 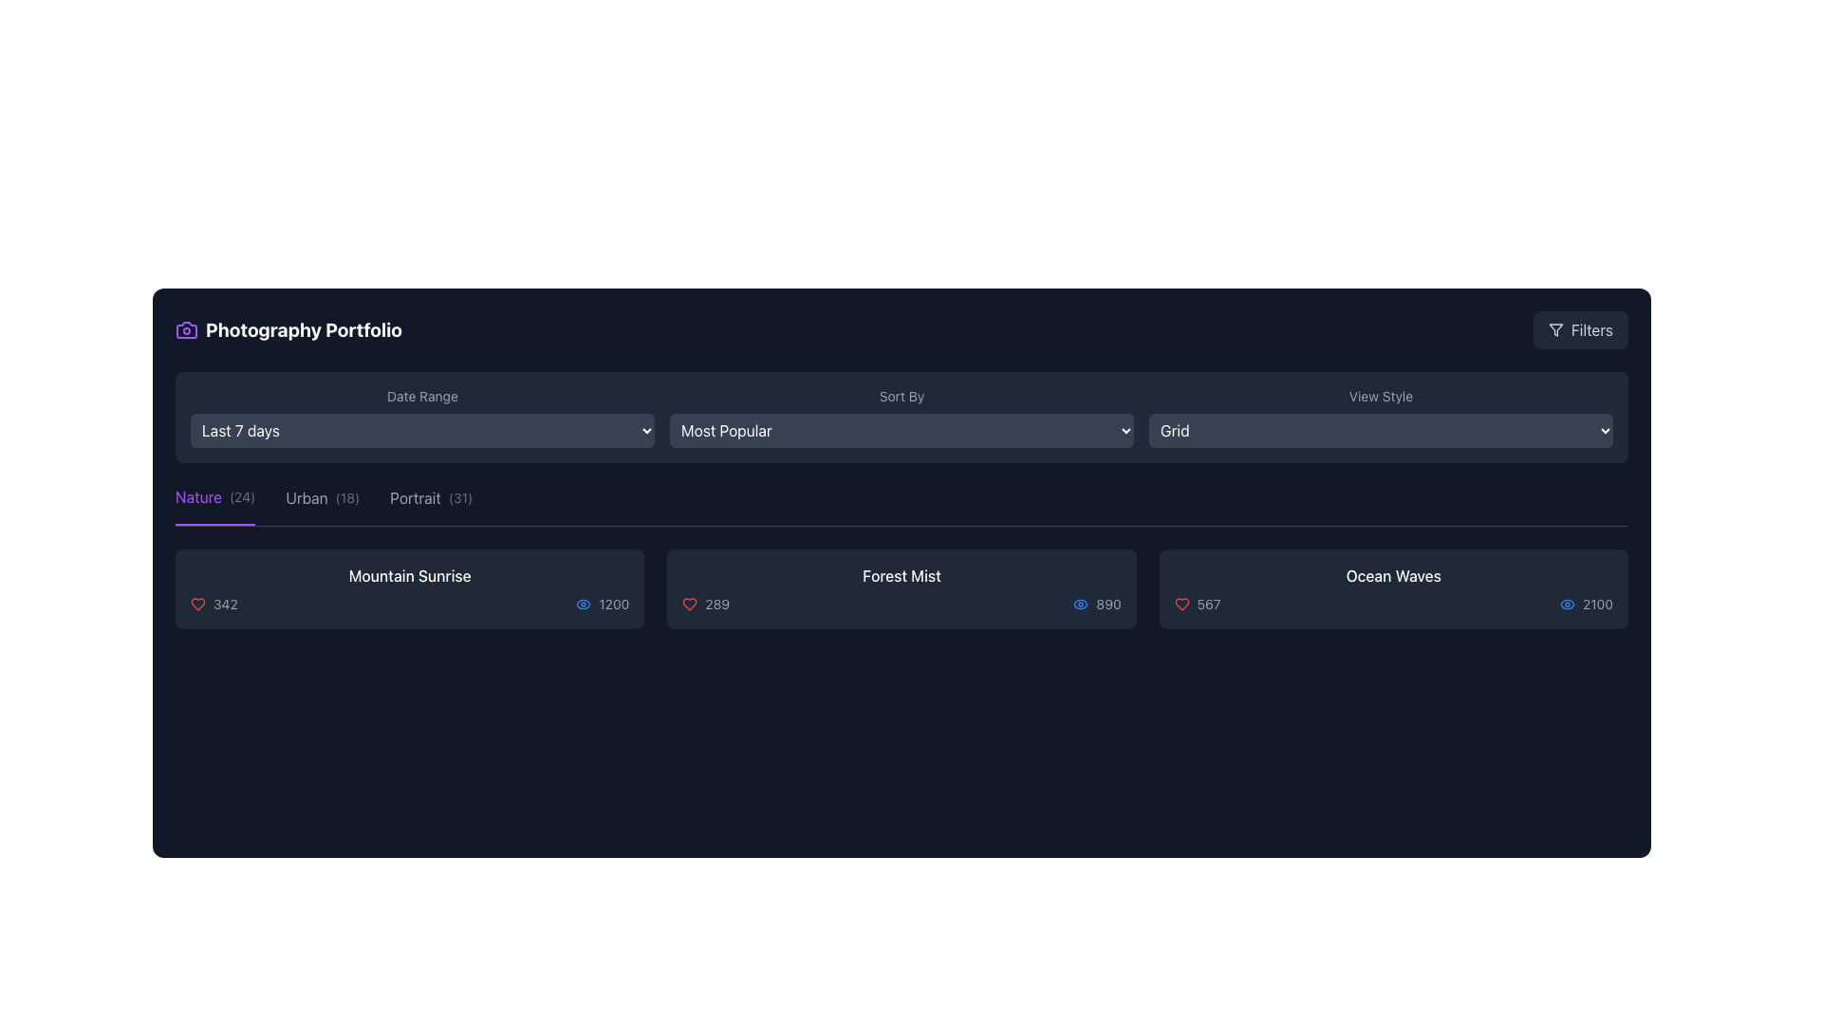 What do you see at coordinates (1567, 604) in the screenshot?
I see `the views icon (SVG graphic) located to the right of the 'Ocean Waves' title and the numerical value '2100' in the last card of the item row` at bounding box center [1567, 604].